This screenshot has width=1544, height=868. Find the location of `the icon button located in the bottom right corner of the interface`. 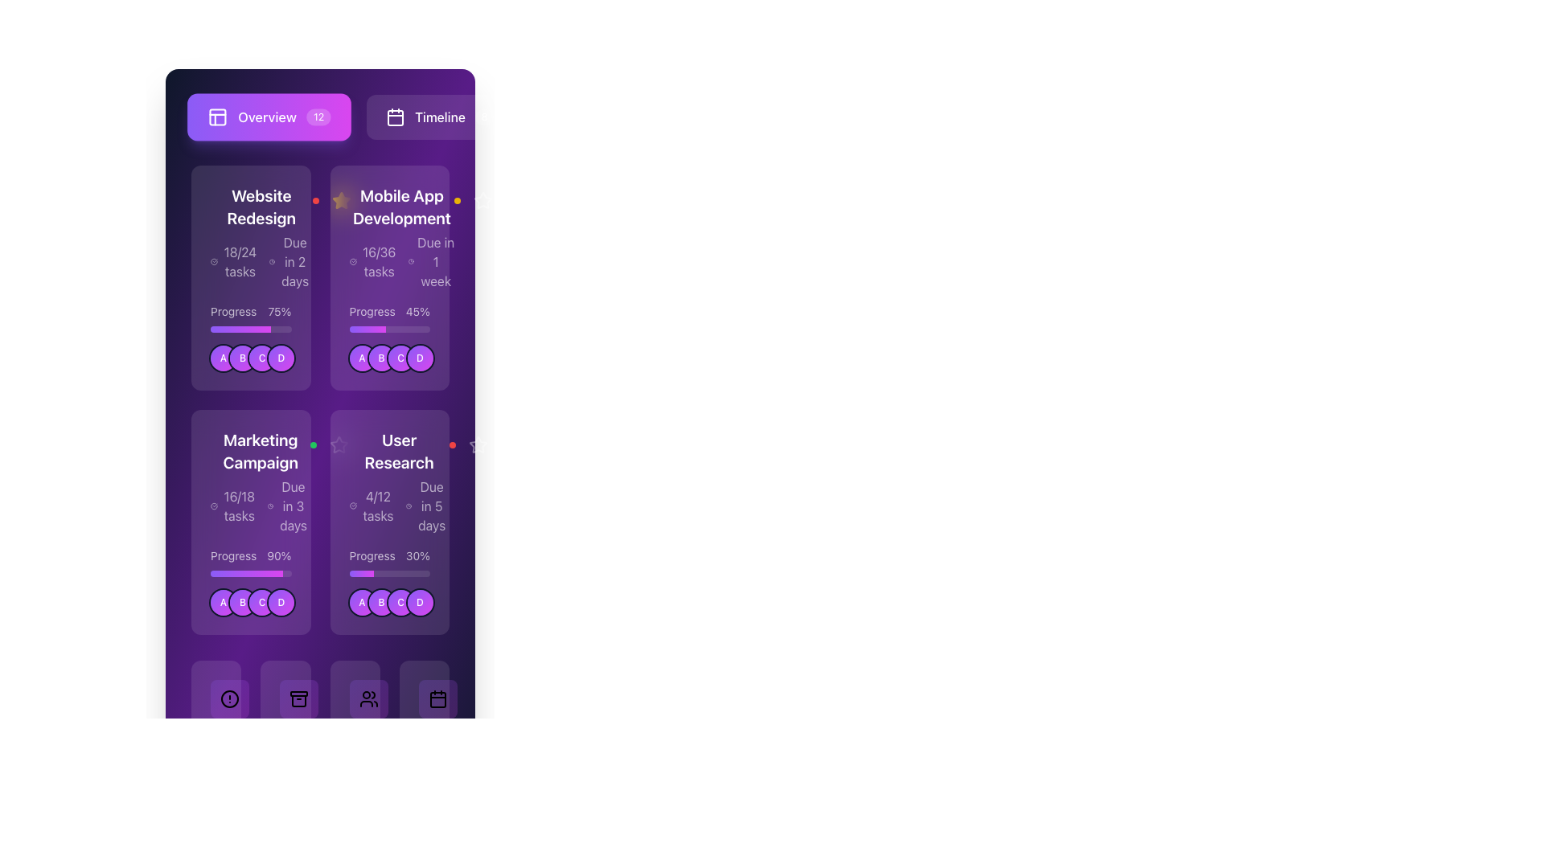

the icon button located in the bottom right corner of the interface is located at coordinates (437, 698).